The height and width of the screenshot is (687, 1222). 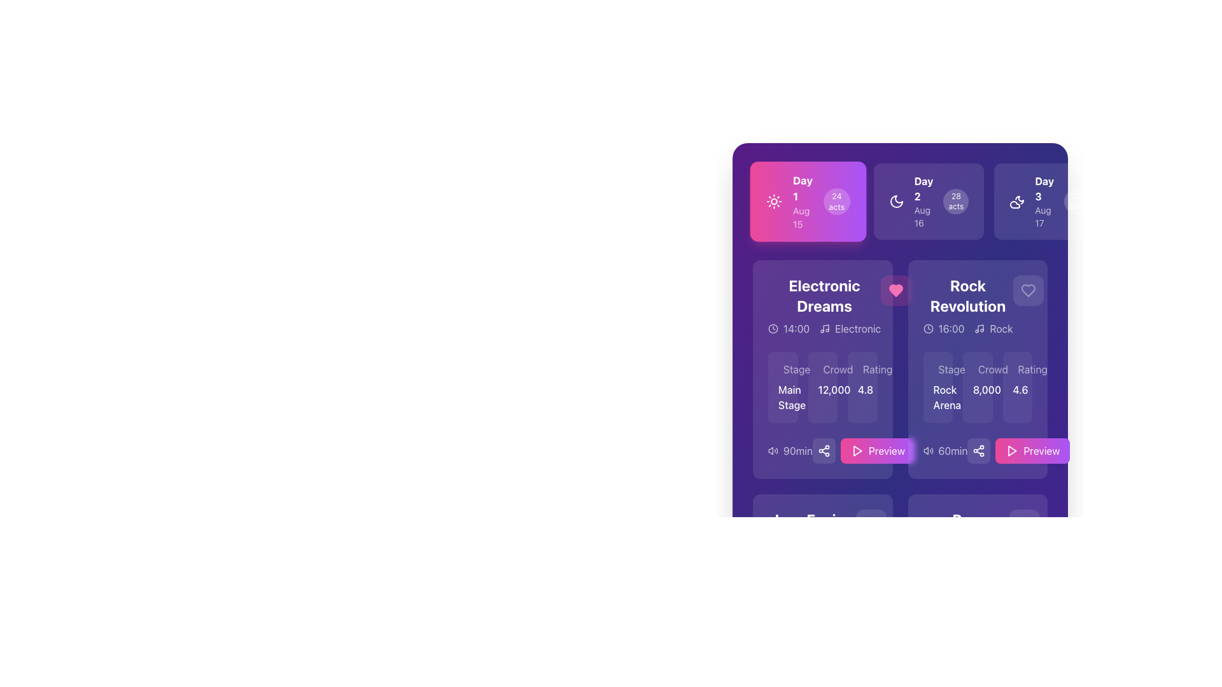 What do you see at coordinates (857, 450) in the screenshot?
I see `the pink triangular play icon embedded within the 'Preview' button located at the bottom-right of the 'Rock Revolution' panel` at bounding box center [857, 450].